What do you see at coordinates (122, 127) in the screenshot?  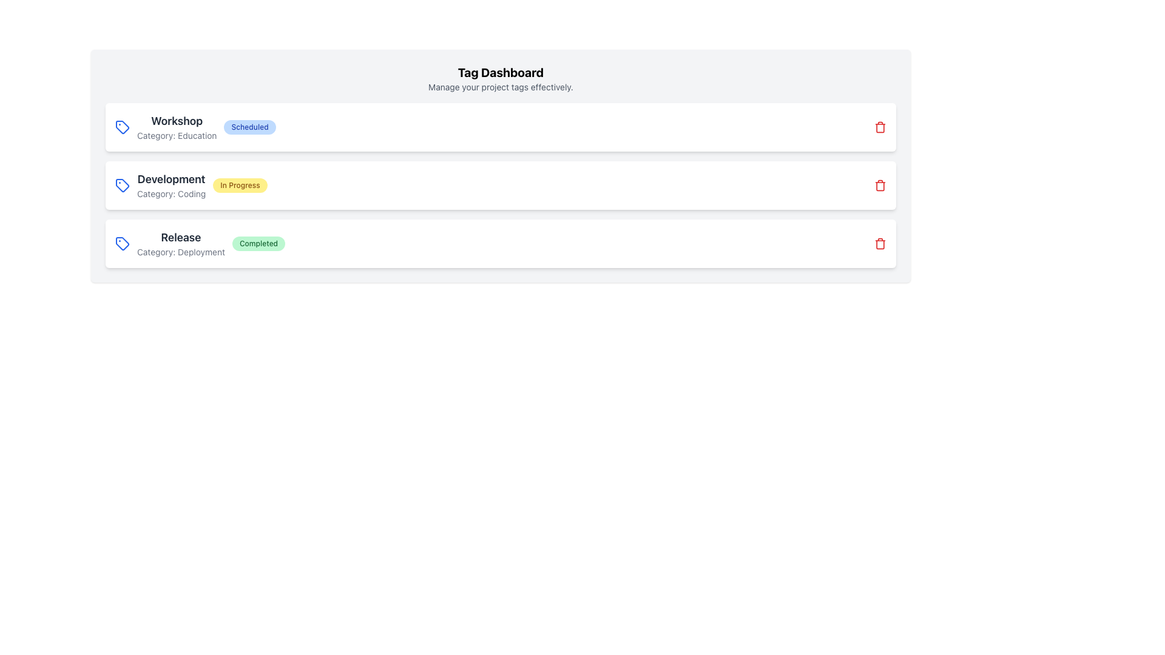 I see `tag icon element with a blue outline located at the far left of the 'Workshop' row` at bounding box center [122, 127].